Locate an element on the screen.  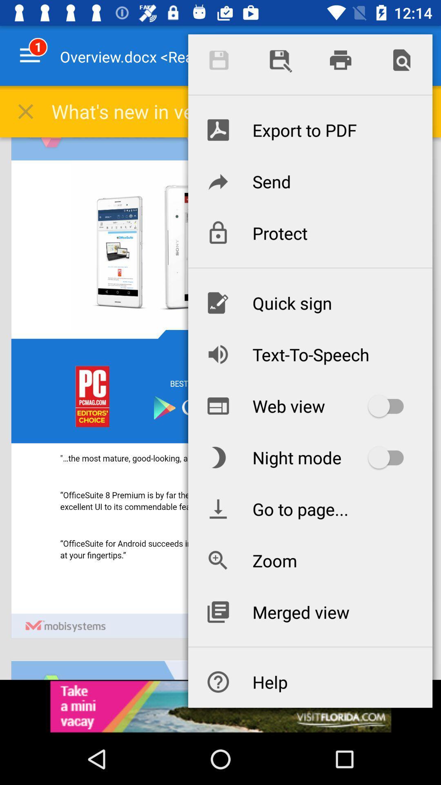
the item below web view is located at coordinates (310, 457).